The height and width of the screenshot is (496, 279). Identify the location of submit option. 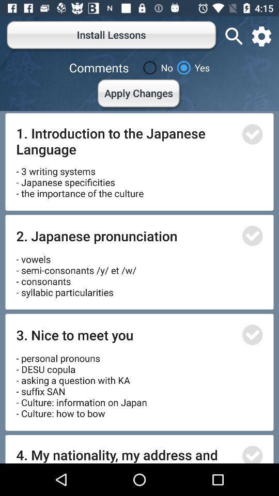
(252, 334).